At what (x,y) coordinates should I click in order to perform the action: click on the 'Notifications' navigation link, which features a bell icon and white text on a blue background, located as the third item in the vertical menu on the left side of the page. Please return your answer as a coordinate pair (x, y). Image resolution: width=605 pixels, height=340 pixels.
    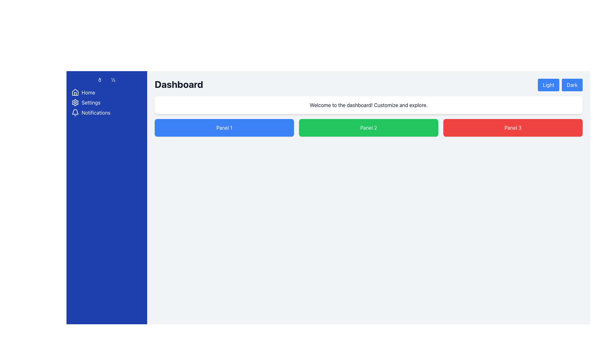
    Looking at the image, I should click on (107, 112).